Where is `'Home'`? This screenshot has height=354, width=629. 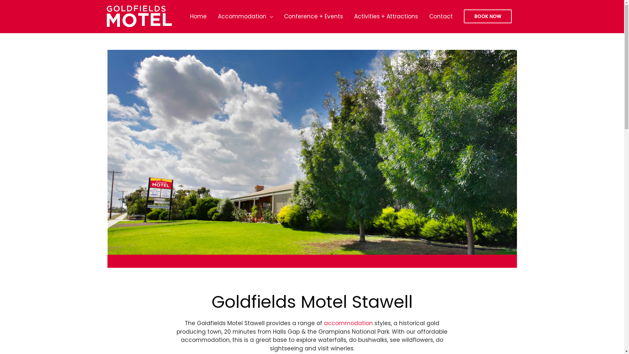
'Home' is located at coordinates (198, 16).